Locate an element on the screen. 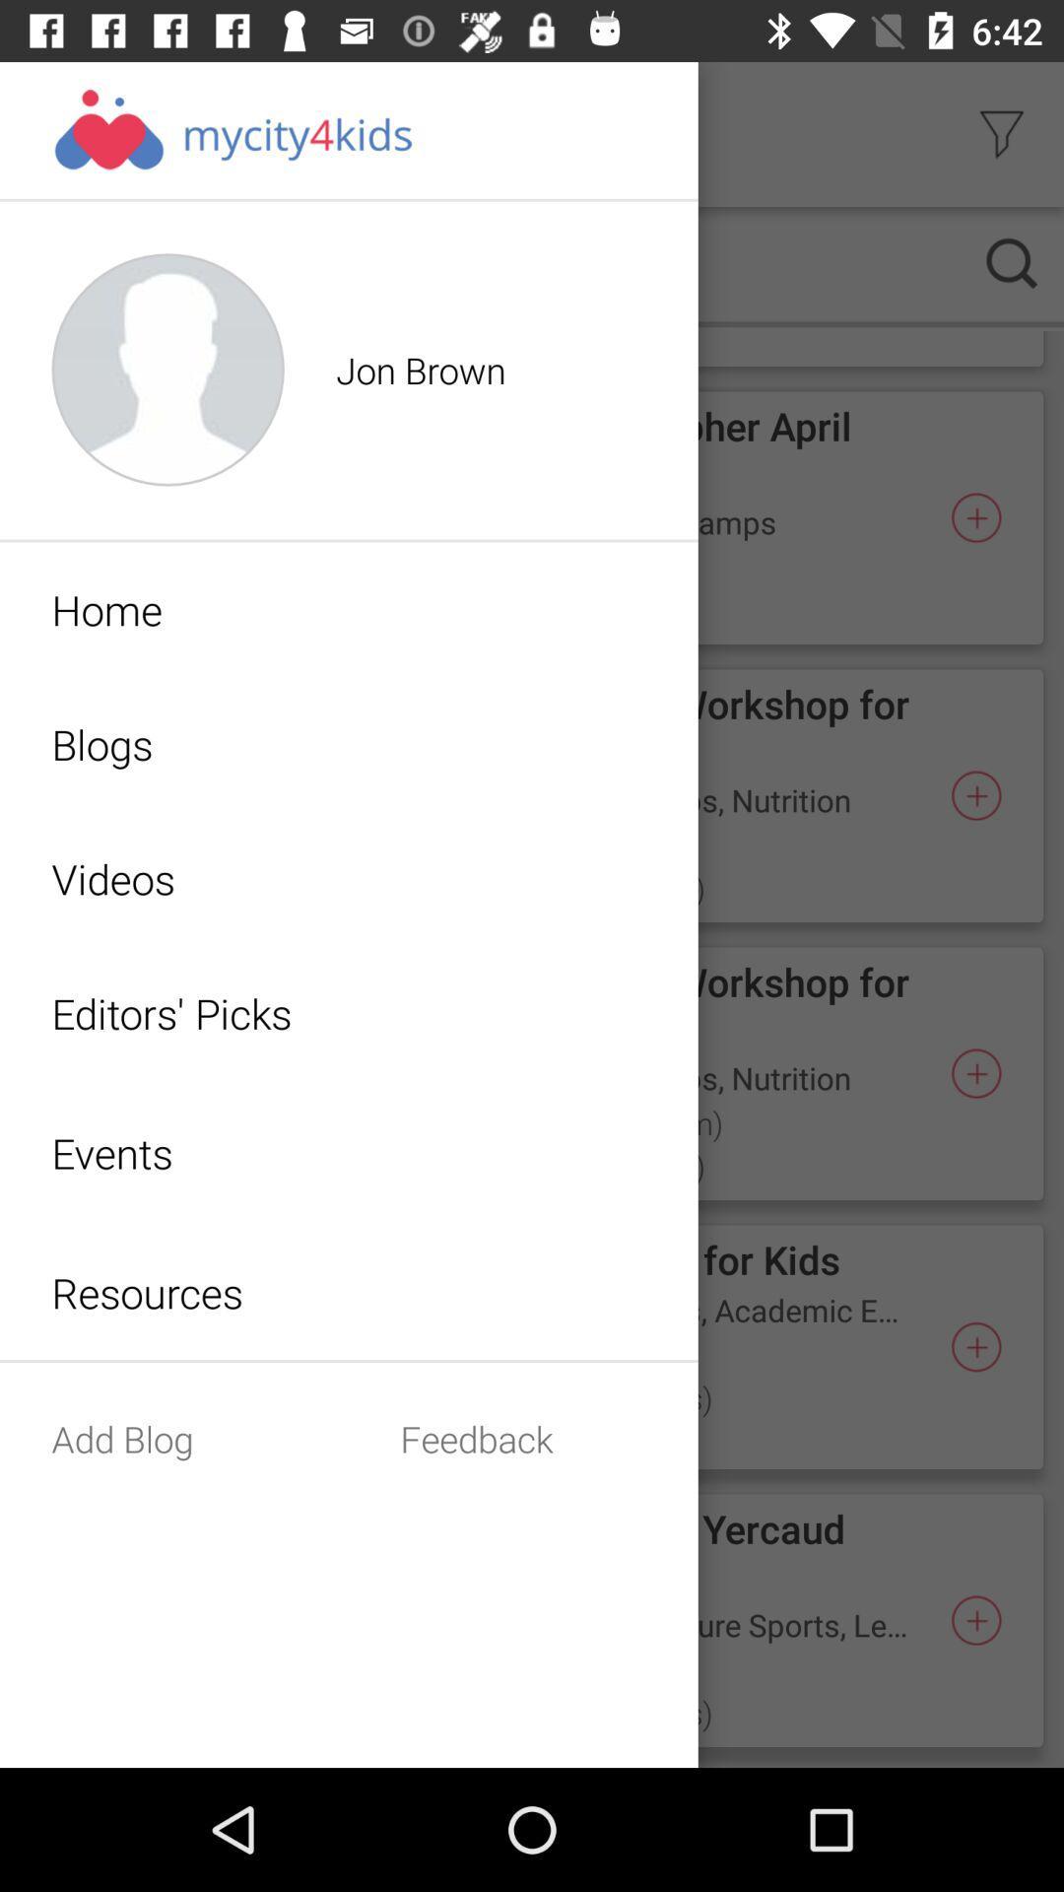 This screenshot has height=1892, width=1064. filter icon on the top right corner of the page is located at coordinates (1002, 134).